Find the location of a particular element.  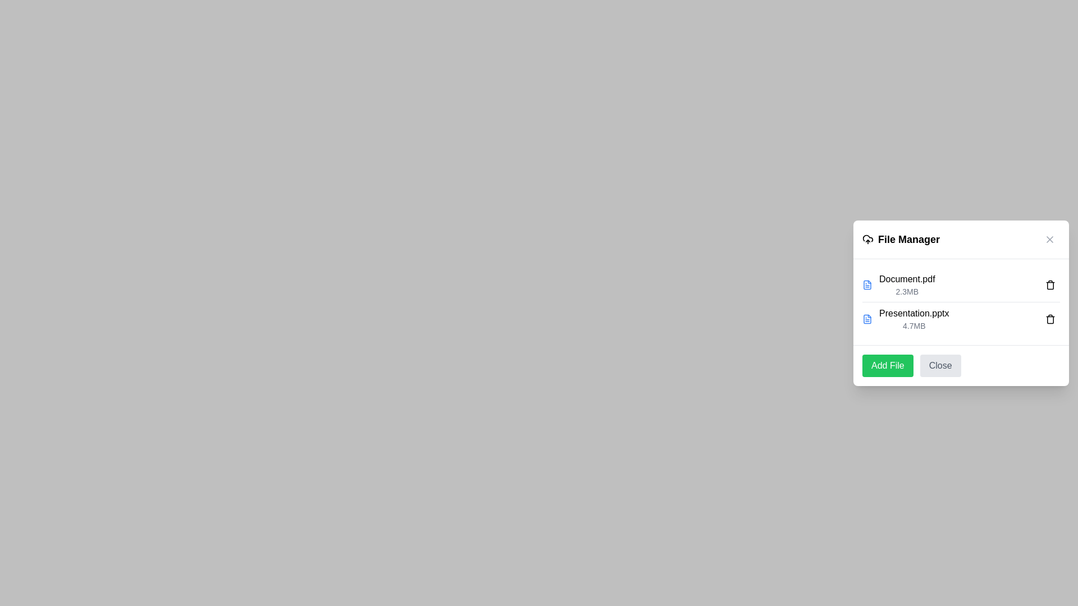

the small blue file icon representing 'Presentation.pptx' in the 'File Manager' popup, which is located to the left of the text label and aligned with its baseline is located at coordinates (867, 319).